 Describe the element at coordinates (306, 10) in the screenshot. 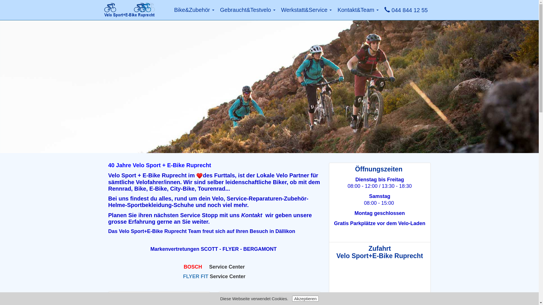

I see `'Werkstatt&Service'` at that location.